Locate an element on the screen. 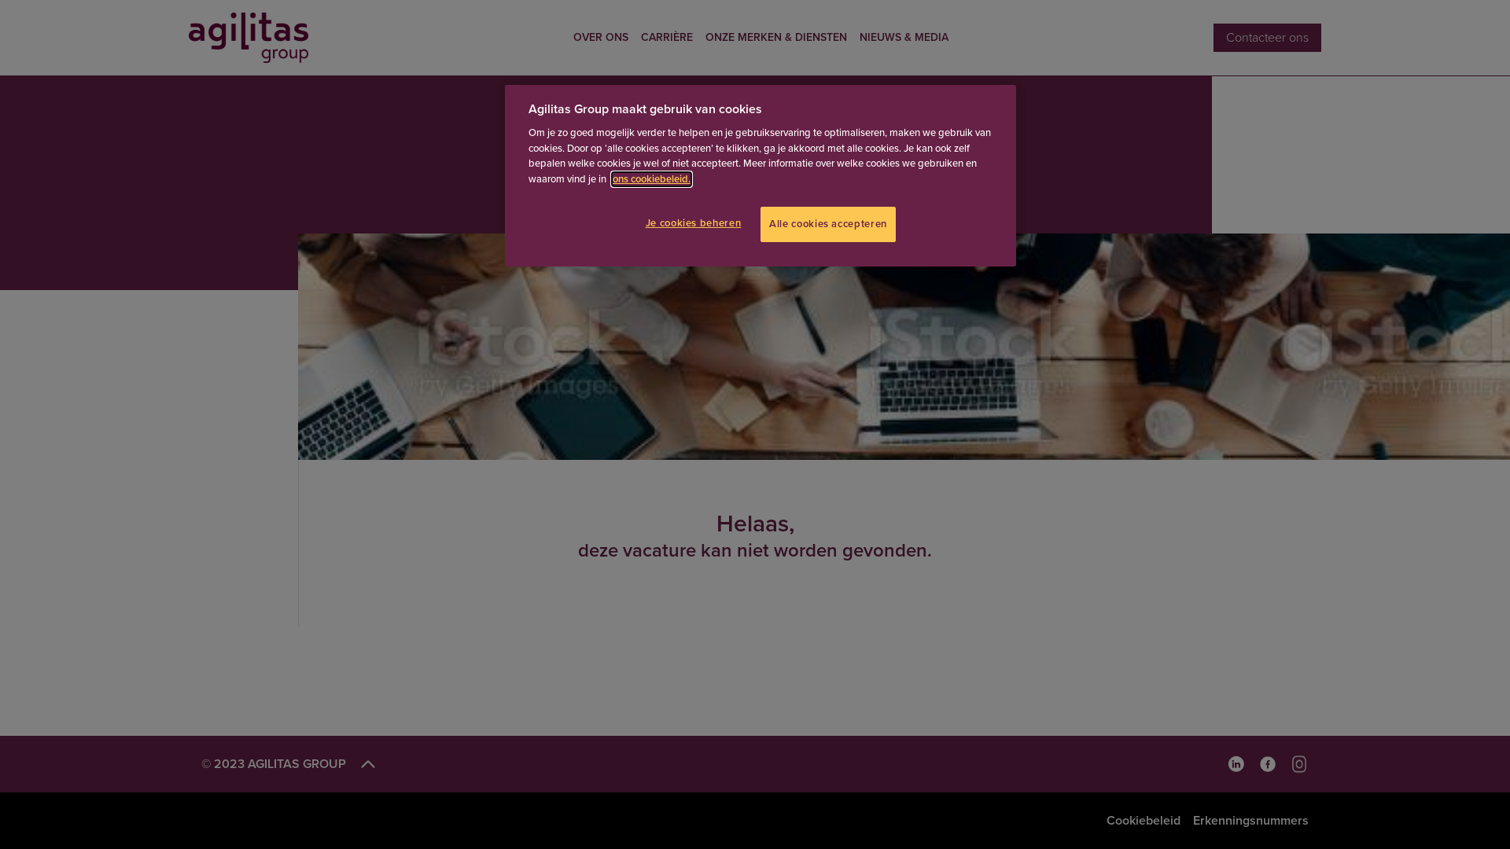 This screenshot has width=1510, height=849. 'Je cookies beheren' is located at coordinates (696, 223).